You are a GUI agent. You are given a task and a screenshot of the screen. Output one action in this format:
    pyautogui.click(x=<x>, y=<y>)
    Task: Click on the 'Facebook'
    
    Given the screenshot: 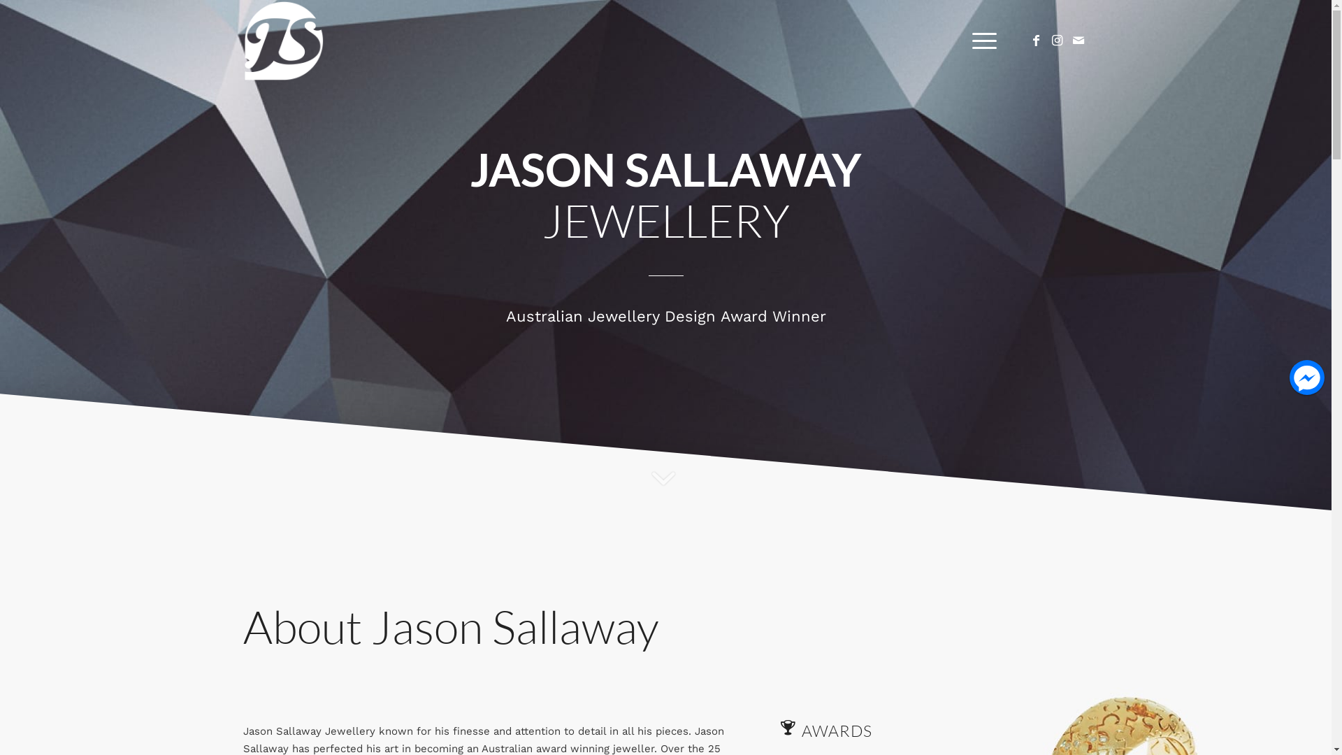 What is the action you would take?
    pyautogui.click(x=1037, y=39)
    